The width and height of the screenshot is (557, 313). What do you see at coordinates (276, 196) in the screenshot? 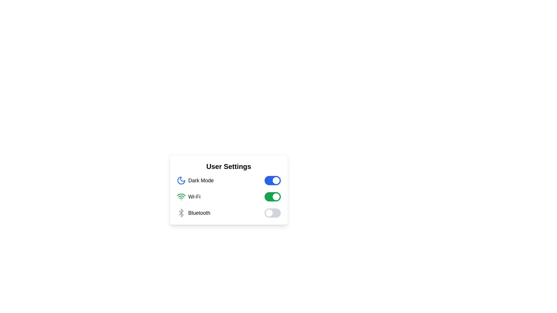
I see `the Wi-Fi toggle button, which is a circular white toggle within a green rounded rectangular switch UI component` at bounding box center [276, 196].